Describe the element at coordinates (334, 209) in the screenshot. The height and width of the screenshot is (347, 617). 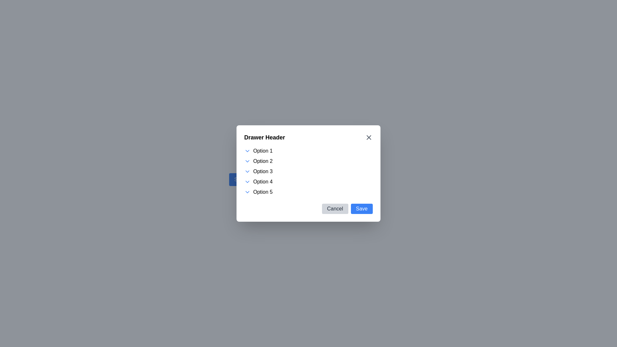
I see `the 'Cancel' button located in the bottom-right corner of the modal dialog box, positioned to the left of the 'Save' button` at that location.